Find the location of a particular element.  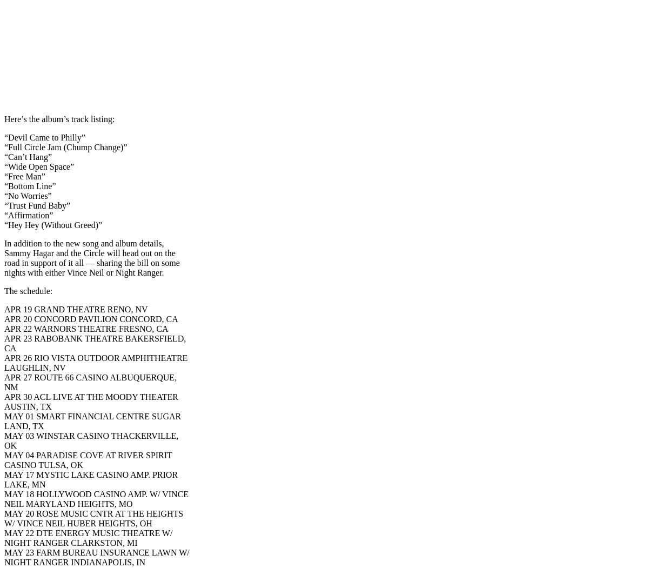

'MAY 22 DTE ENERGY MUSIC THEATRE W/ NIGHT RANGER CLARKSTON, MI' is located at coordinates (4, 538).